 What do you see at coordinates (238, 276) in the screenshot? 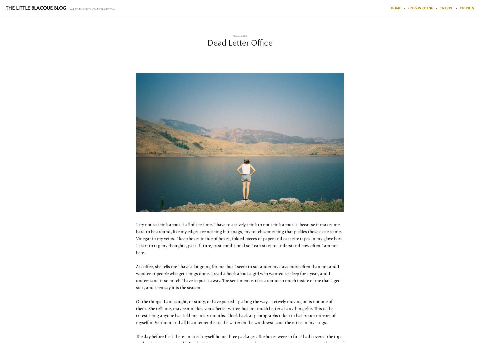
I see `'At coffee, she tells me I have a lot going for me, but I seem to squander my days more often than not and I wonder at people who get things done. I read a book about a girl who wanted to sleep for a year, and I understand it so much I have to put it away. The sentiment rattles around so much inside of me that I get sick, and then say it is the season.'` at bounding box center [238, 276].